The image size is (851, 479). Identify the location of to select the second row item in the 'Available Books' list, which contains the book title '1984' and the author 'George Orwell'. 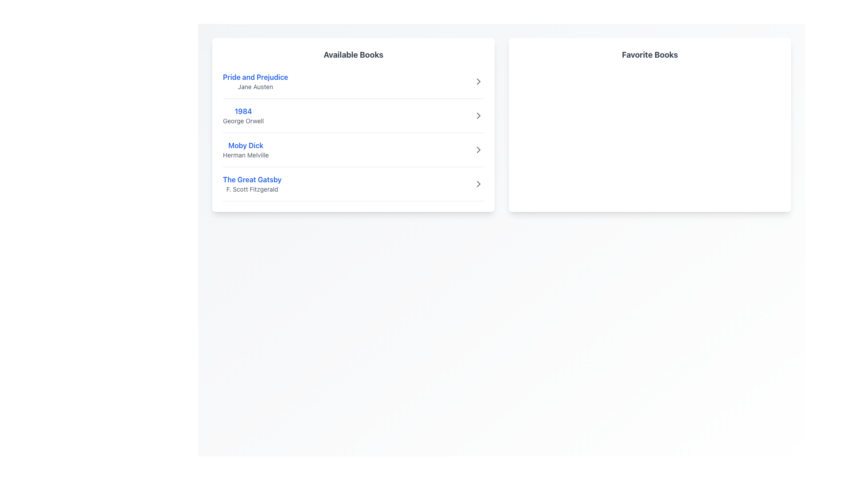
(353, 119).